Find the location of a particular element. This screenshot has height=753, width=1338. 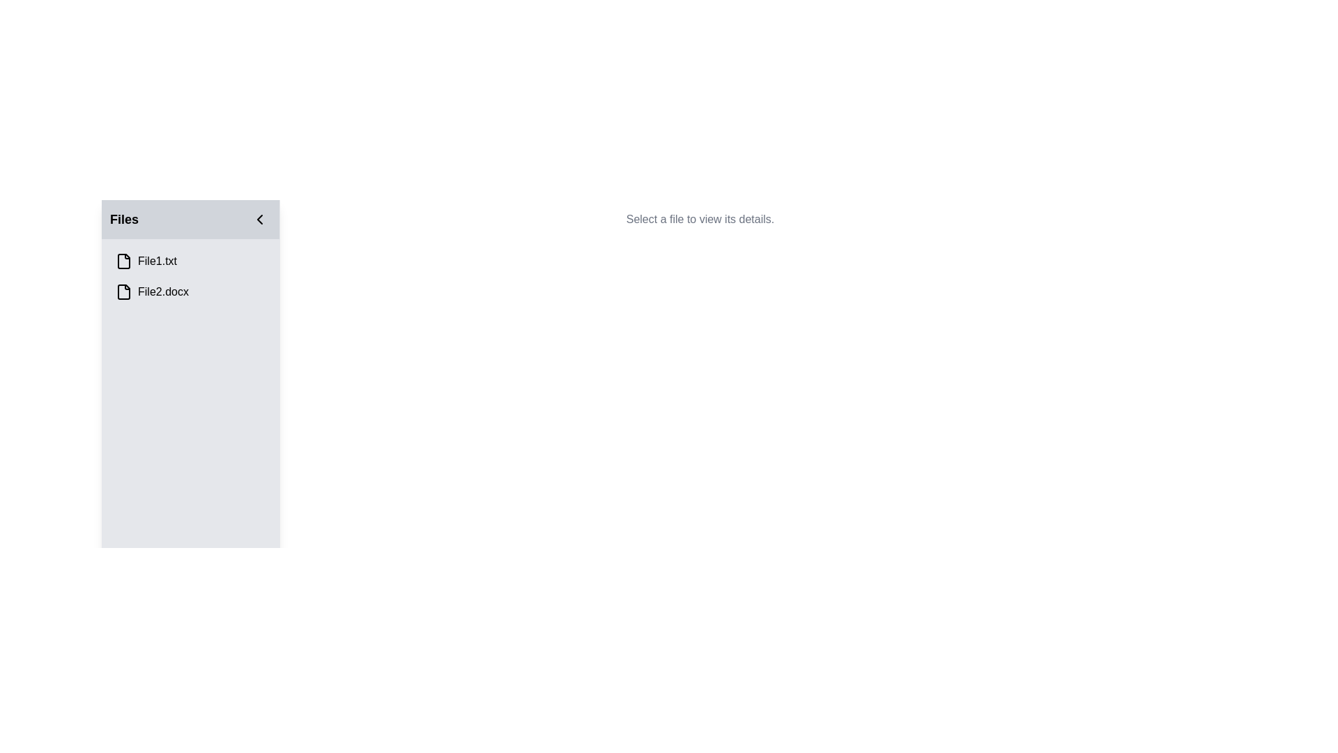

the icon representing the second file in the vertical list of file entries, which has a rectangular shape with a slightly cut corner, located in the sidebar of the interface is located at coordinates (123, 291).